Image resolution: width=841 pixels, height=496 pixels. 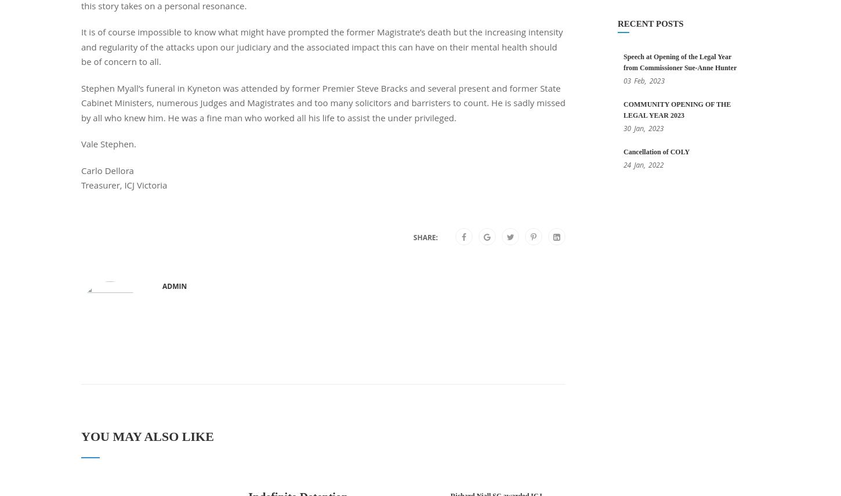 I want to click on 'COMMUNITY OPENING OF THE LEGAL YEAR 2023', so click(x=676, y=109).